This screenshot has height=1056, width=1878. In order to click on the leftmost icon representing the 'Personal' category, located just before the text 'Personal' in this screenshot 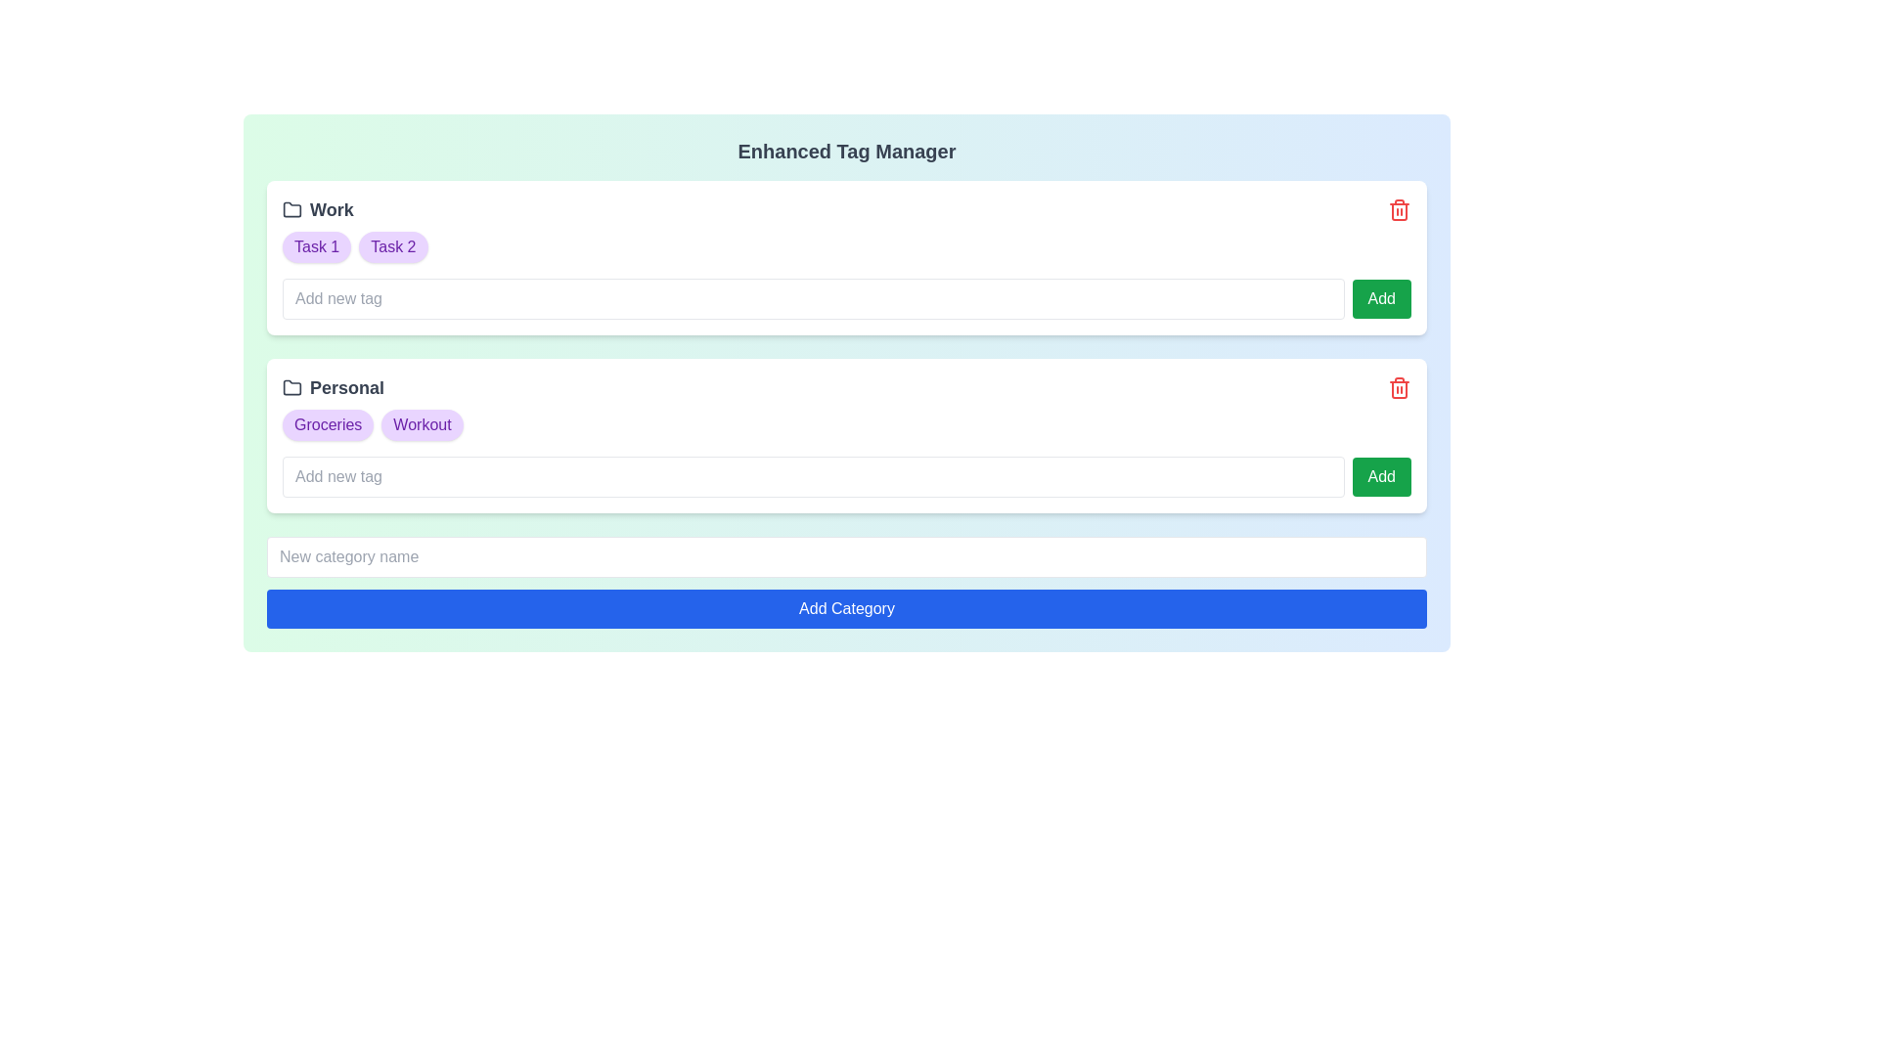, I will do `click(291, 388)`.